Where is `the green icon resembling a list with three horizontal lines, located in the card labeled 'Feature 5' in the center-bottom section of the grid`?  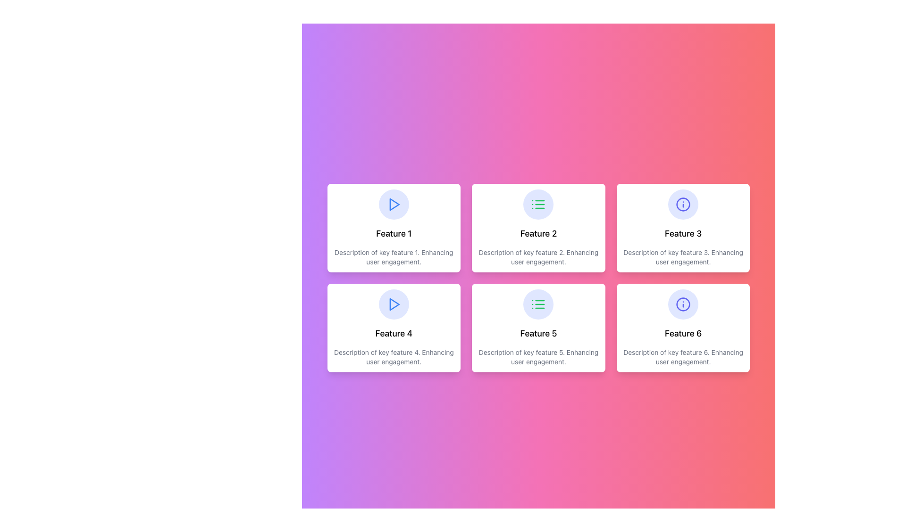
the green icon resembling a list with three horizontal lines, located in the card labeled 'Feature 5' in the center-bottom section of the grid is located at coordinates (538, 304).